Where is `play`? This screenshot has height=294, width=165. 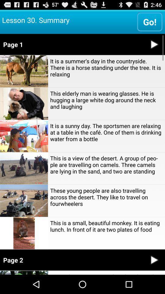
play is located at coordinates (154, 260).